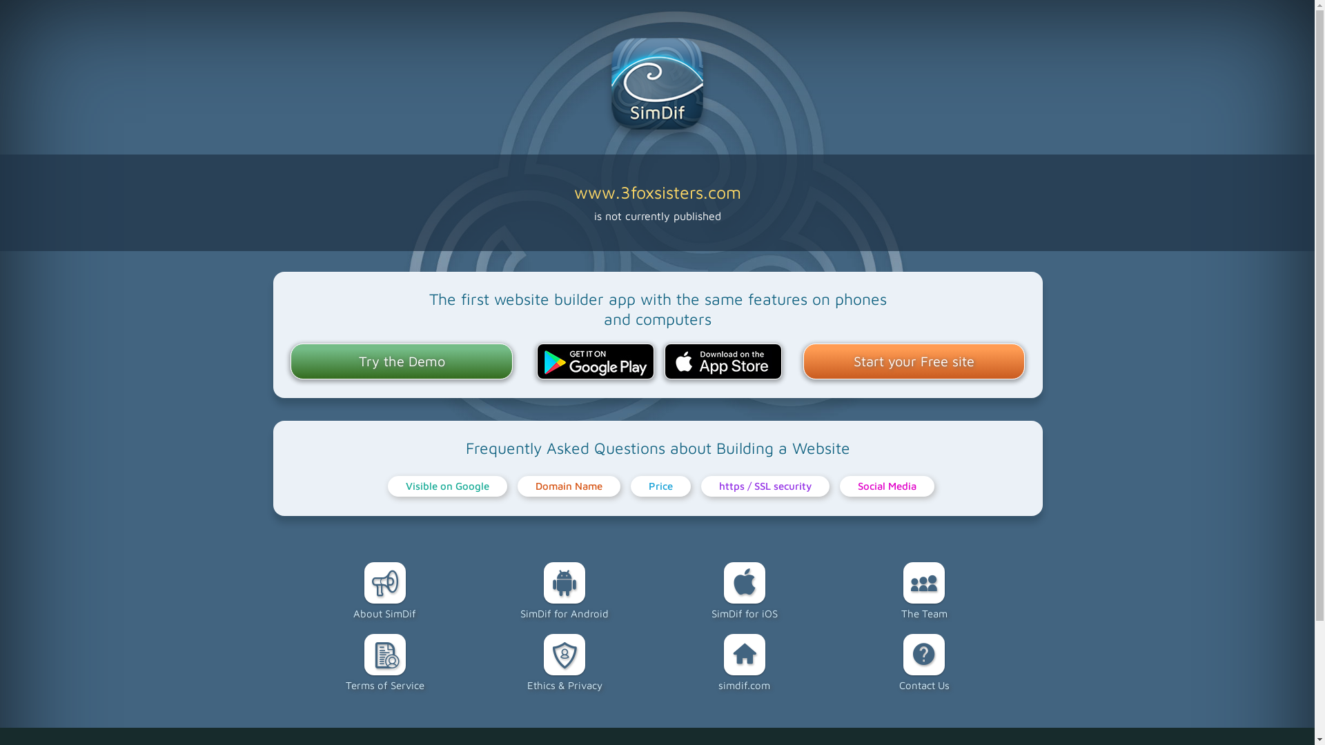  What do you see at coordinates (384, 662) in the screenshot?
I see `'Terms of Service'` at bounding box center [384, 662].